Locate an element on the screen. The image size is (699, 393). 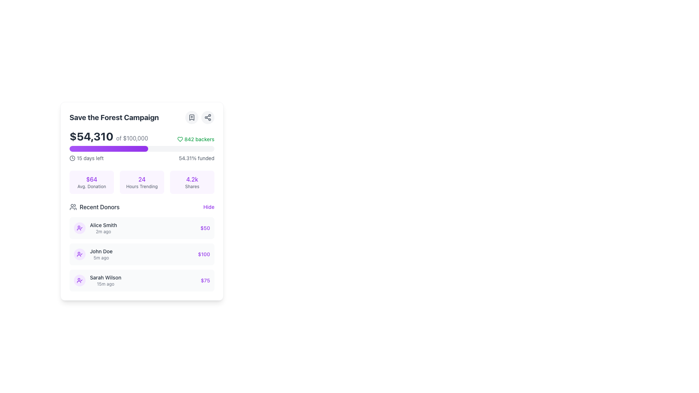
name and timestamp of the third donor's information in the 'Recent Donors' section of the 'Save the Forest Campaign' card is located at coordinates (97, 280).